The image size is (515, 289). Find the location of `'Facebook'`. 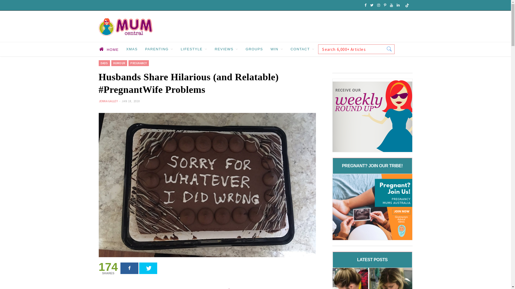

'Facebook' is located at coordinates (129, 268).